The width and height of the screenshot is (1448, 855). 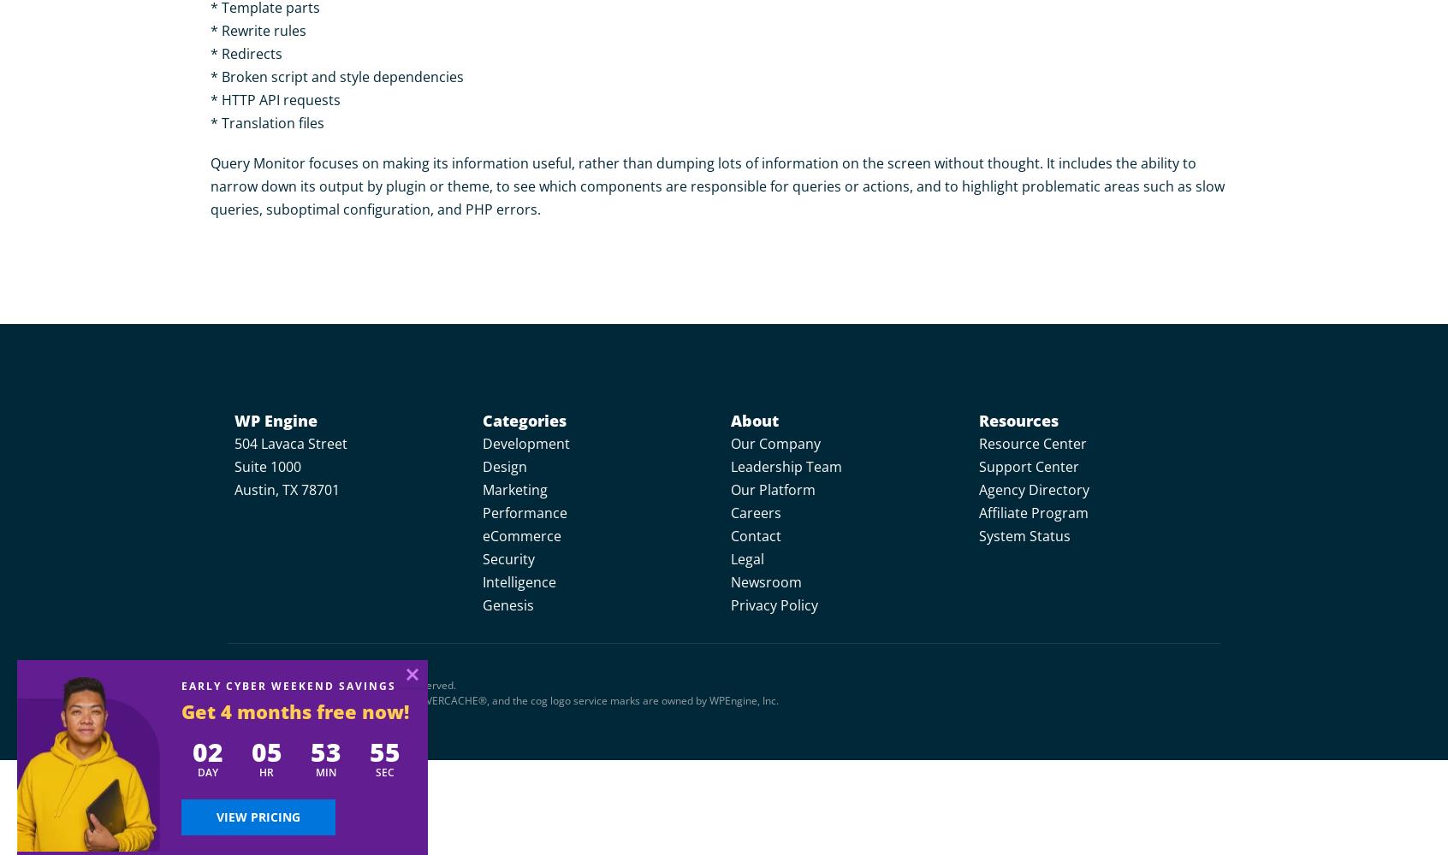 I want to click on 'Categories', so click(x=482, y=420).